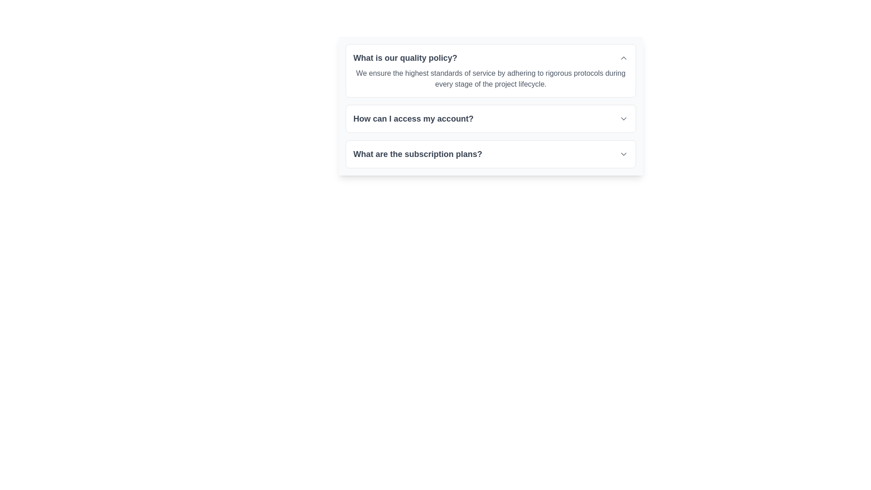 The width and height of the screenshot is (871, 490). Describe the element at coordinates (623, 58) in the screenshot. I see `the Chevron Up icon, which is a small gray upward-pointing chevron located on the far right of the question 'What is our quality policy?' in a vertically stacked list of dropdown menus` at that location.